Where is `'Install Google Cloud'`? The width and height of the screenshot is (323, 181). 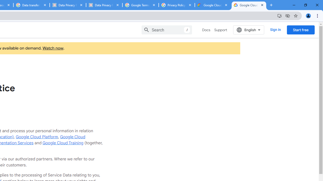 'Install Google Cloud' is located at coordinates (279, 15).